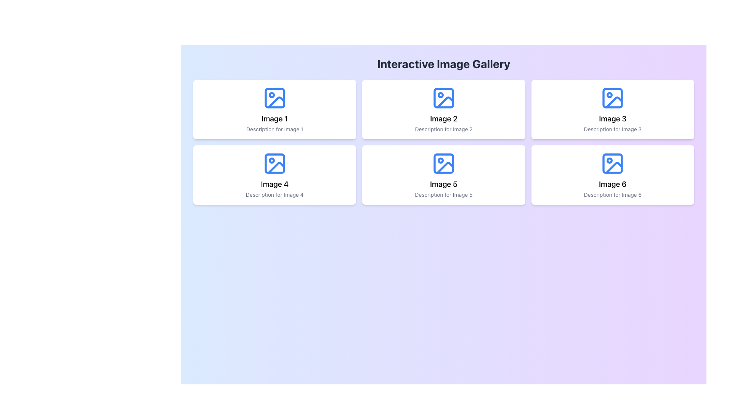 The image size is (732, 411). What do you see at coordinates (443, 110) in the screenshot?
I see `the second card element in a grid layout, which has a white background, a blue image icon, bold black text 'Image 2', and a gray description 'Description for Image 2'` at bounding box center [443, 110].